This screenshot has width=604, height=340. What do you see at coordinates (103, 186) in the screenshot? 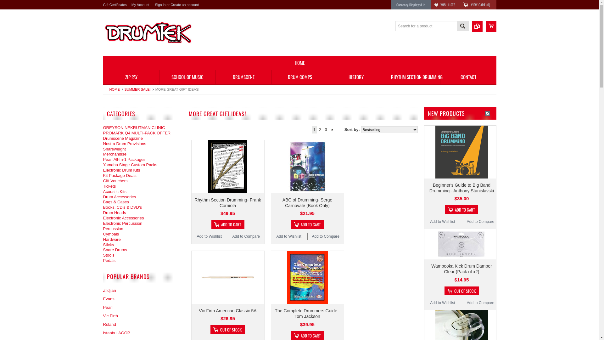
I see `'Tickets'` at bounding box center [103, 186].